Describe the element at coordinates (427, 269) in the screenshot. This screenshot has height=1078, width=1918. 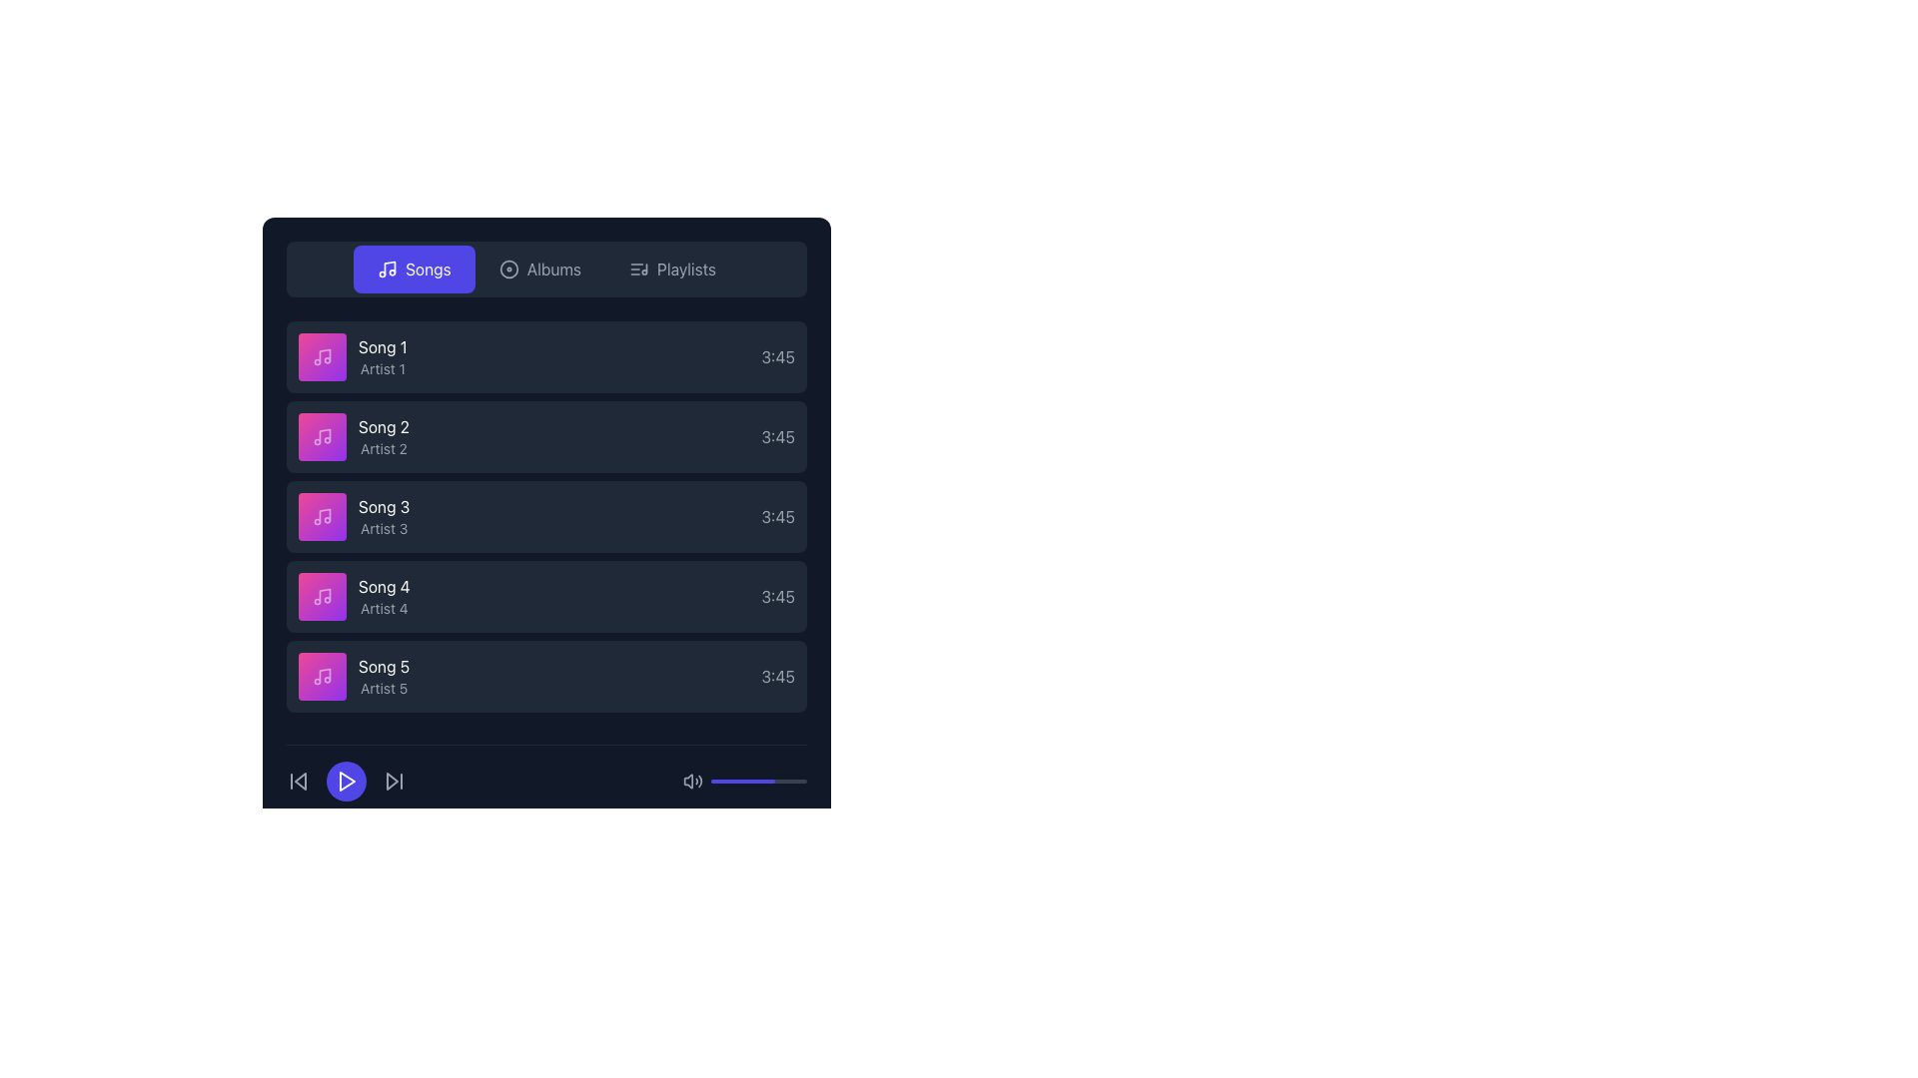
I see `the navigation button labeled 'Songs' in the top portion of the user interface` at that location.